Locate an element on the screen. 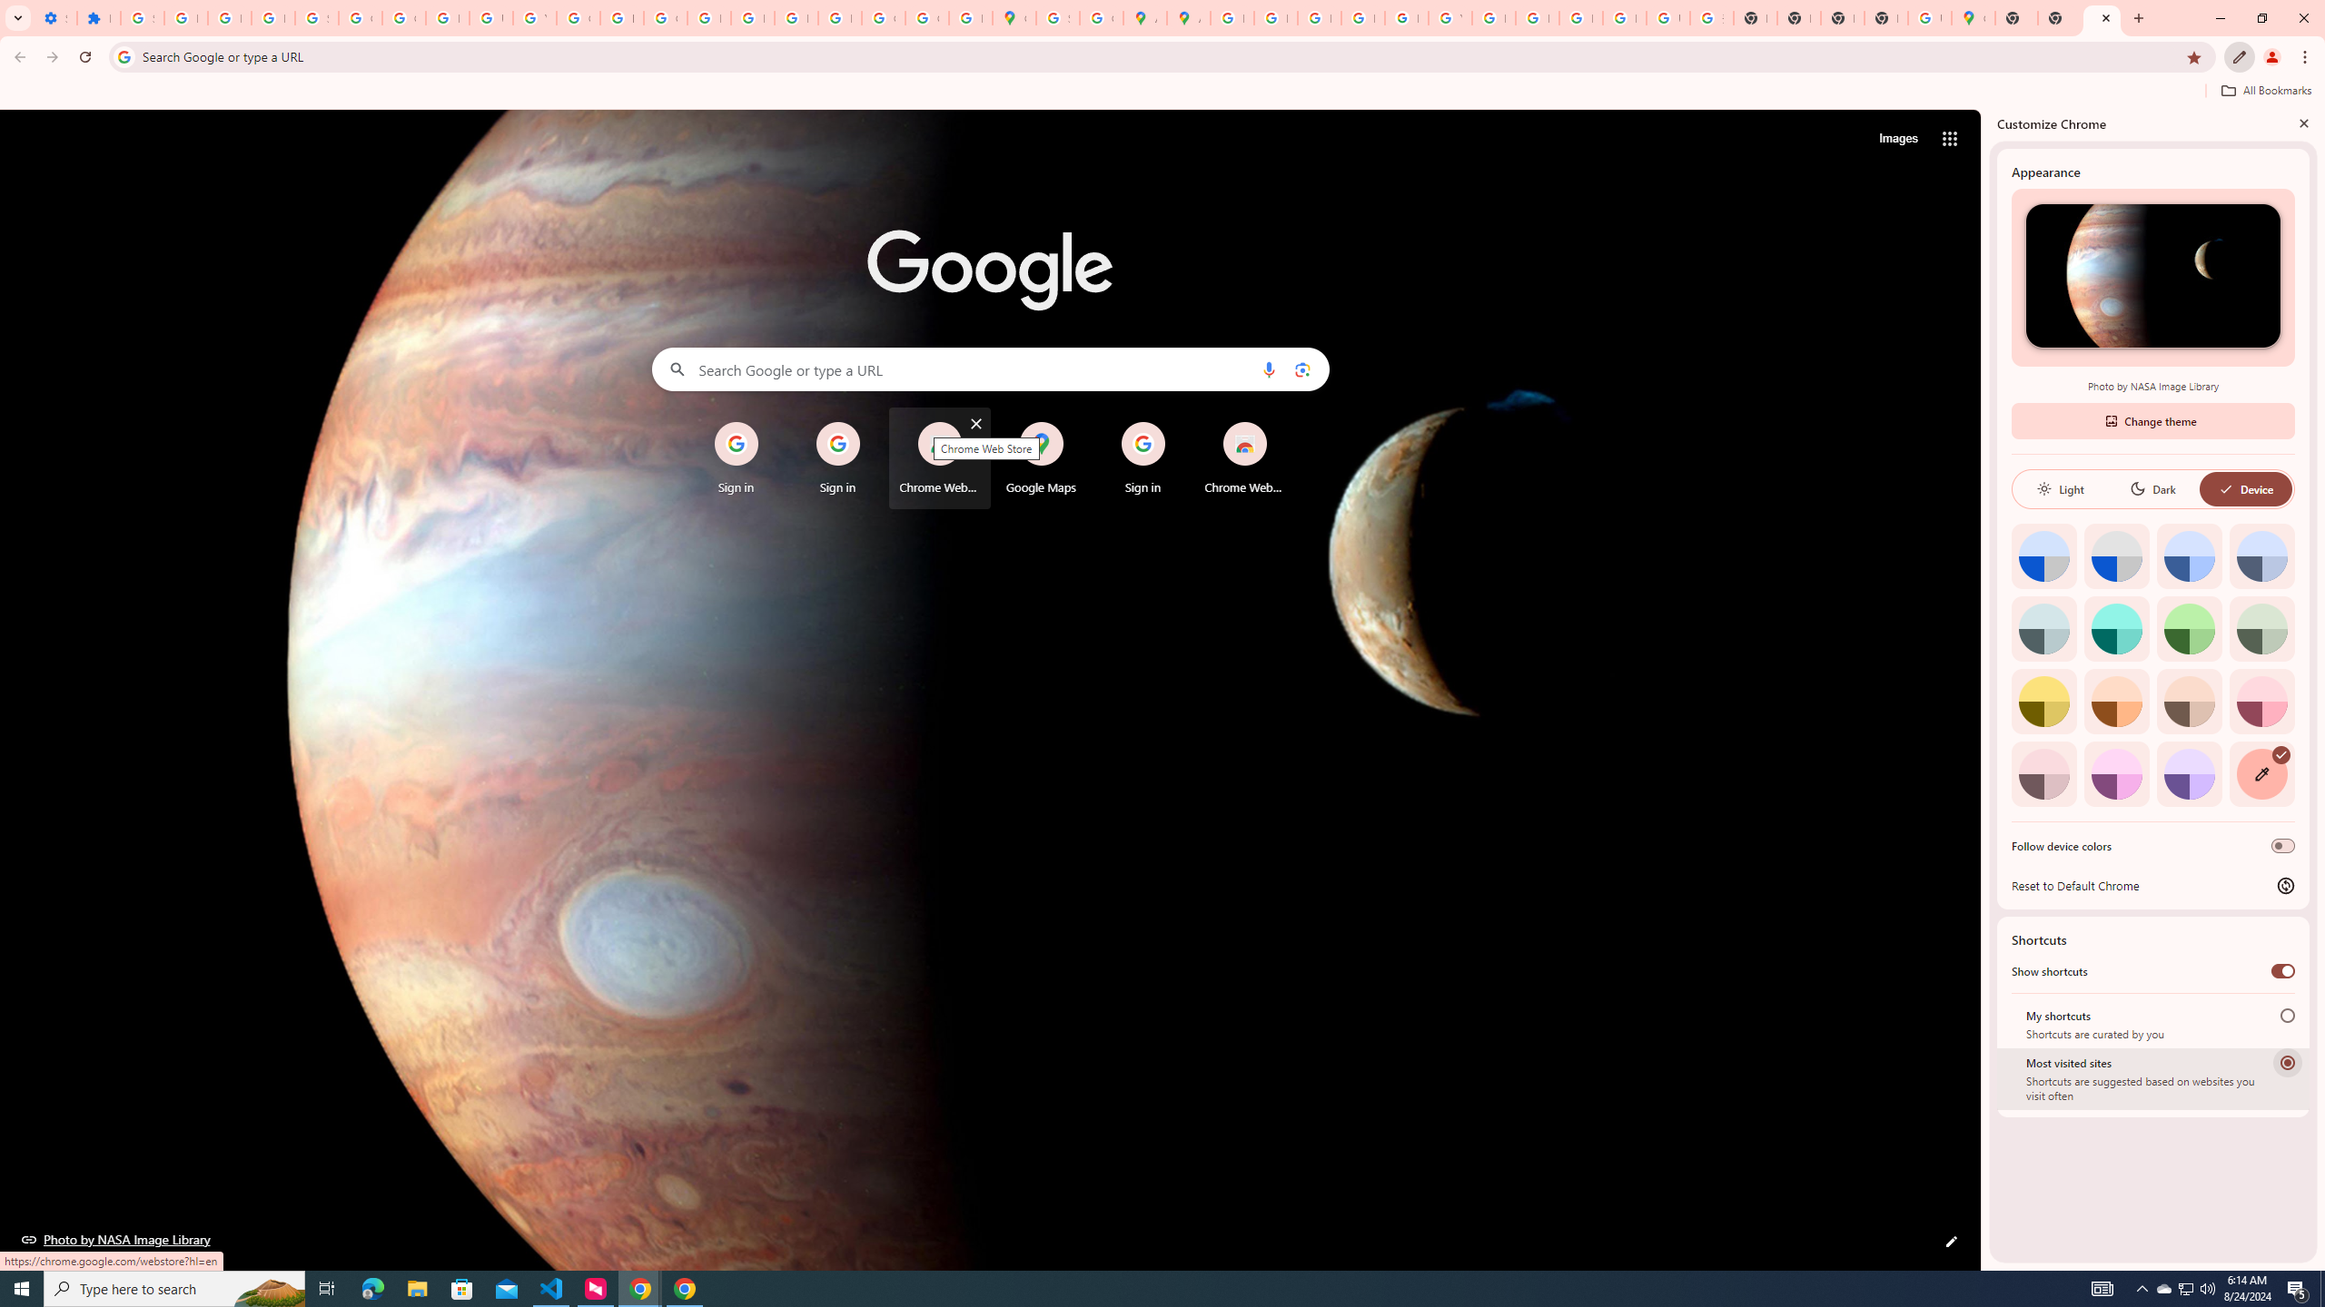 The height and width of the screenshot is (1307, 2325). 'Settings - On startup' is located at coordinates (55, 17).